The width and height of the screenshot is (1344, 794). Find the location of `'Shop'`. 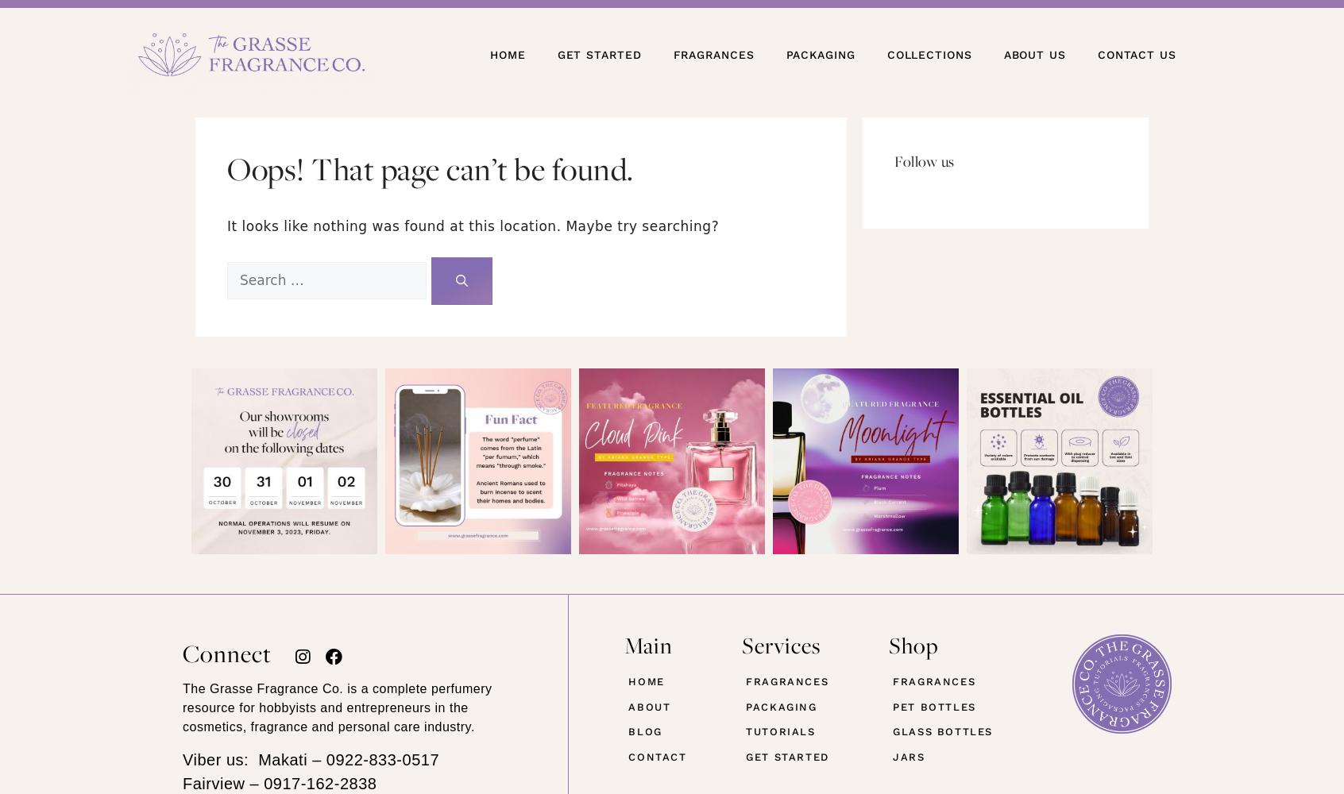

'Shop' is located at coordinates (913, 645).